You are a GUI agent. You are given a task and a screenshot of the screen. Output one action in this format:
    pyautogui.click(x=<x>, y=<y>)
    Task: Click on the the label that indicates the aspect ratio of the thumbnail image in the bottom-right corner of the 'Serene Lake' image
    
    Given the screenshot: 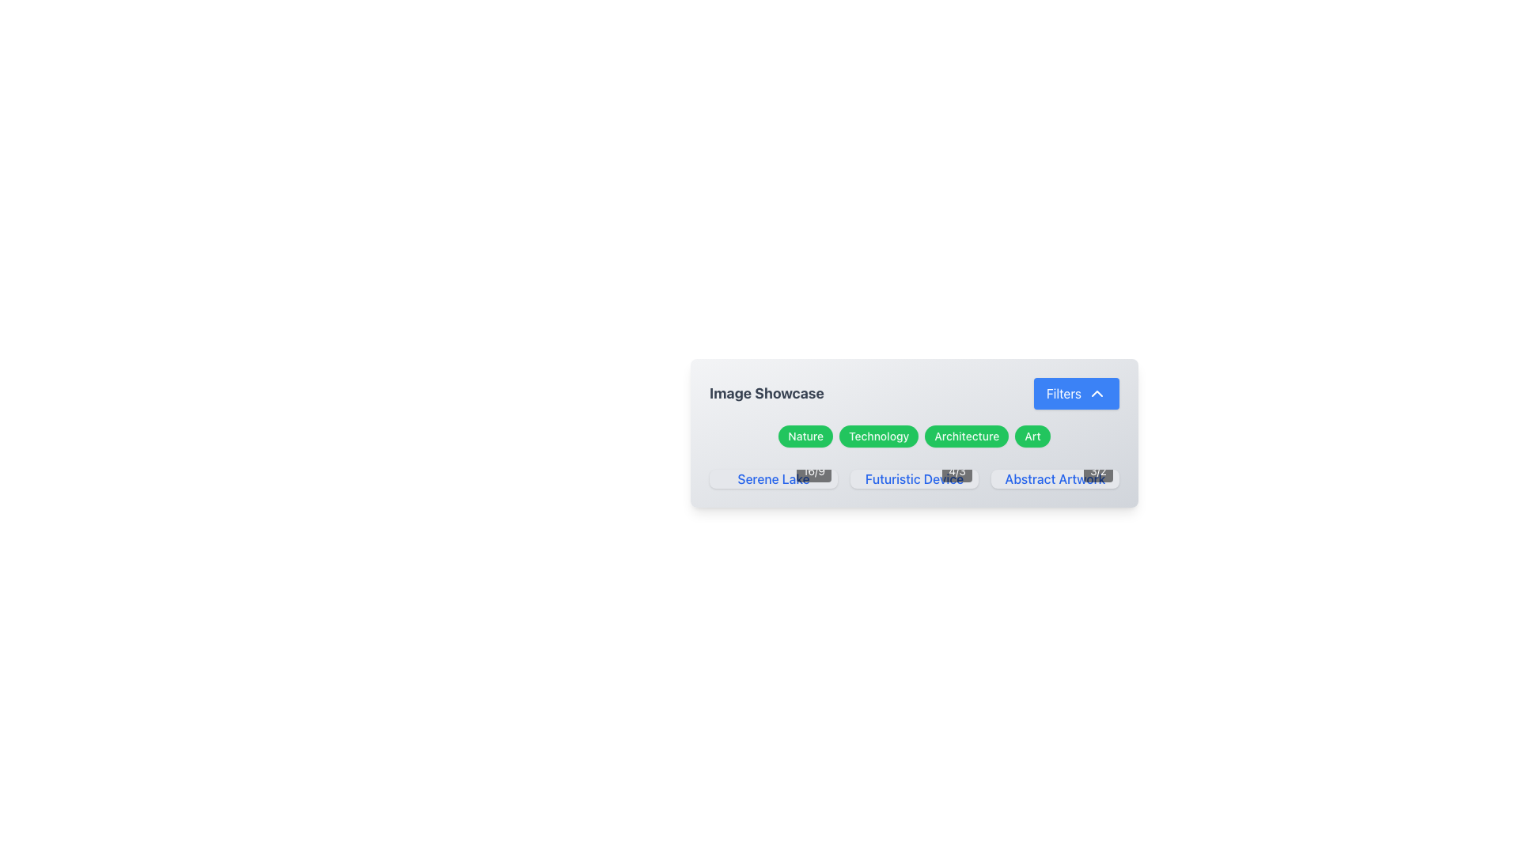 What is the action you would take?
    pyautogui.click(x=813, y=470)
    